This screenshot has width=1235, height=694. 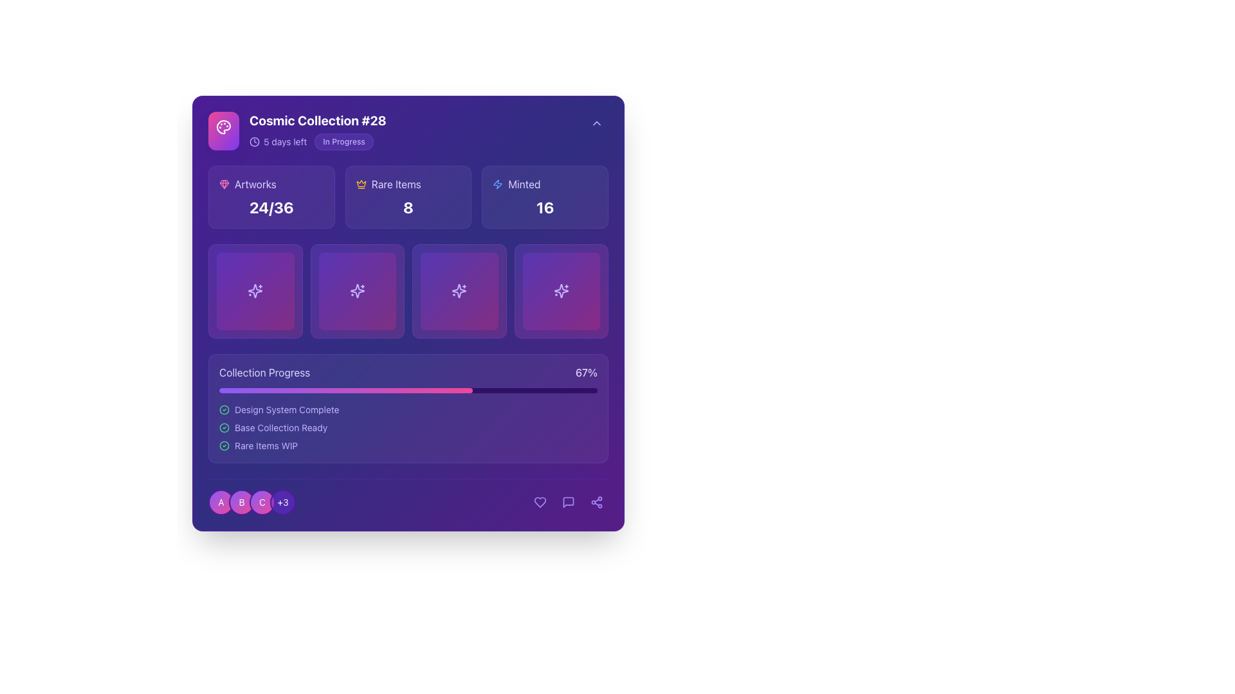 What do you see at coordinates (497, 184) in the screenshot?
I see `the state or functionality of the icon that signifies the action related to the text 'Minted', positioned directly to the left of it` at bounding box center [497, 184].